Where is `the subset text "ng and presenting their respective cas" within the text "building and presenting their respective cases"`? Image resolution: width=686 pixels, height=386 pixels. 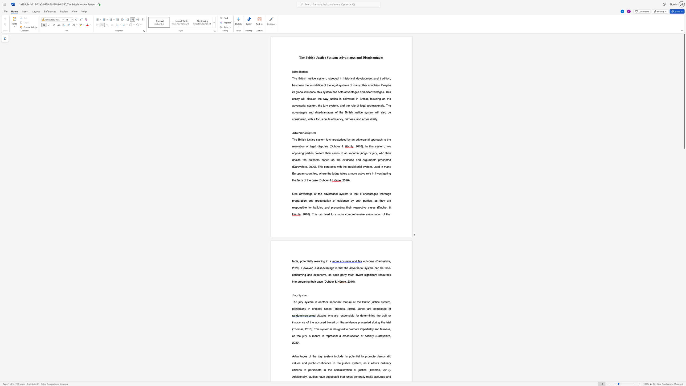
the subset text "ng and presenting their respective cas" within the text "building and presenting their respective cases" is located at coordinates (320, 207).